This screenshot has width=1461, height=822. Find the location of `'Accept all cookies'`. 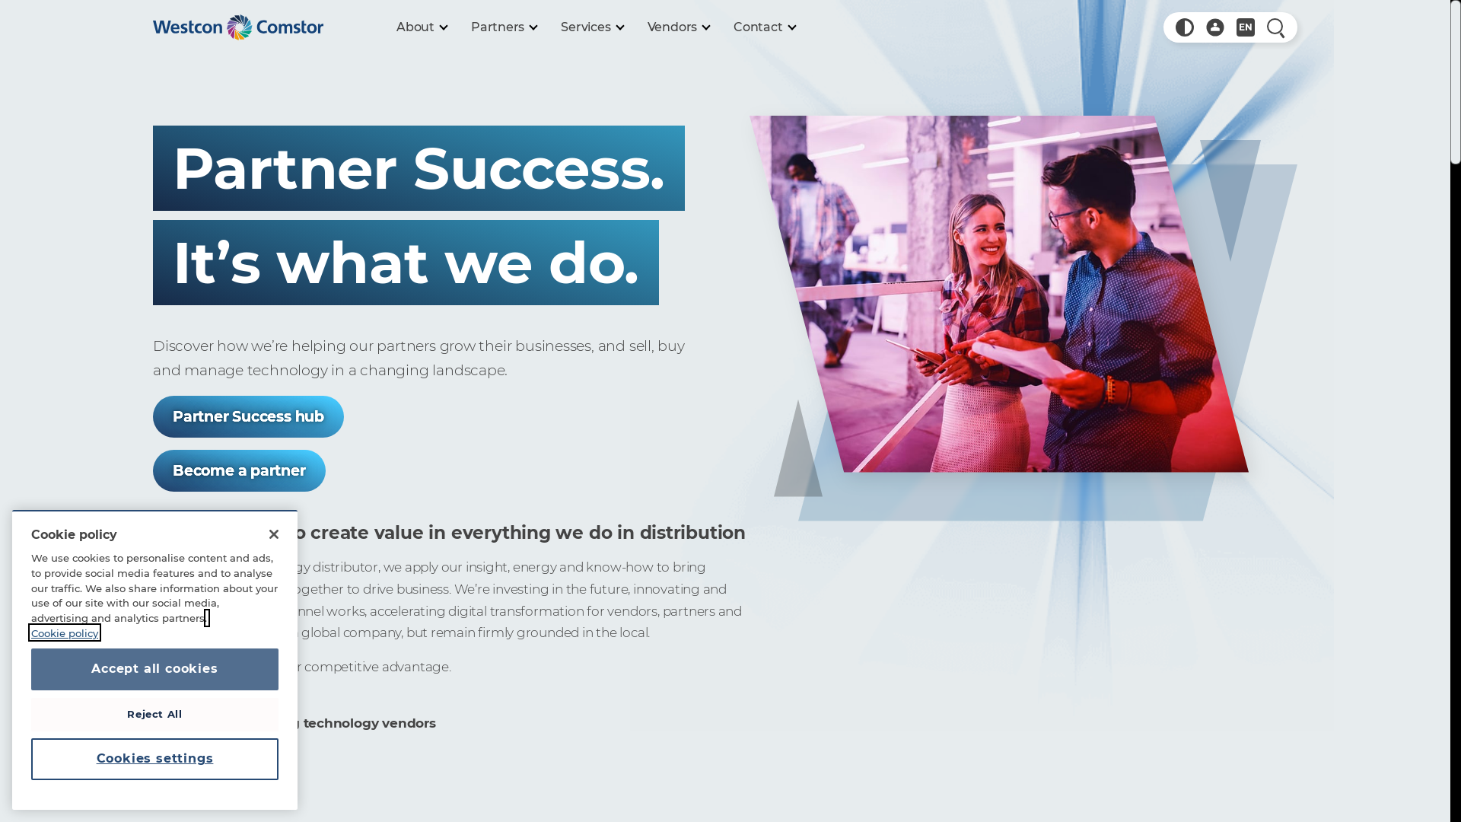

'Accept all cookies' is located at coordinates (154, 668).